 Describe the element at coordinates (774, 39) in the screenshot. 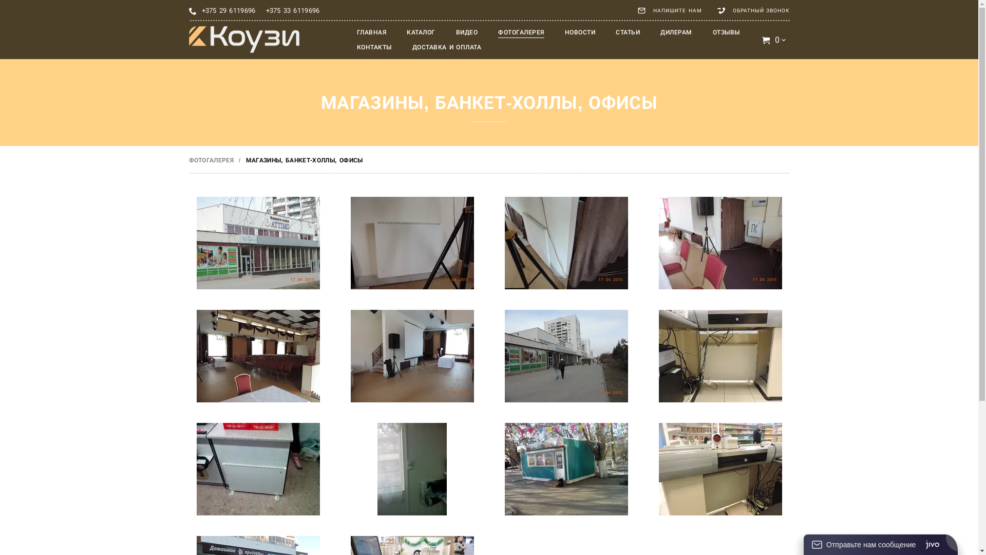

I see `'0'` at that location.